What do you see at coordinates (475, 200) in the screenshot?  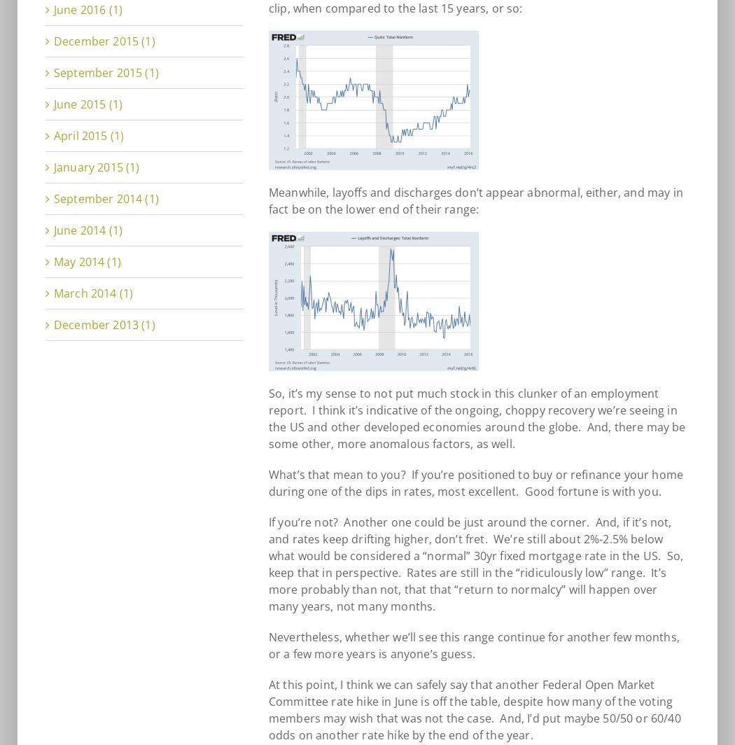 I see `'Meanwhile, layoffs and discharges don’t appear abnormal, either, and may in fact be on the lower end of their range:'` at bounding box center [475, 200].